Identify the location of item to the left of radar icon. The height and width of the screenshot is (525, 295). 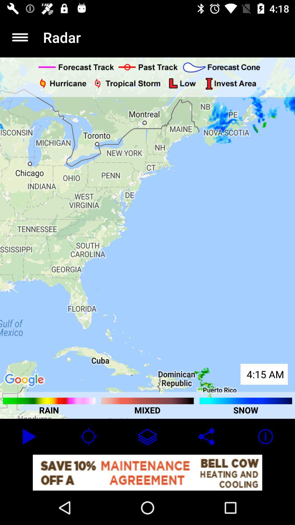
(20, 37).